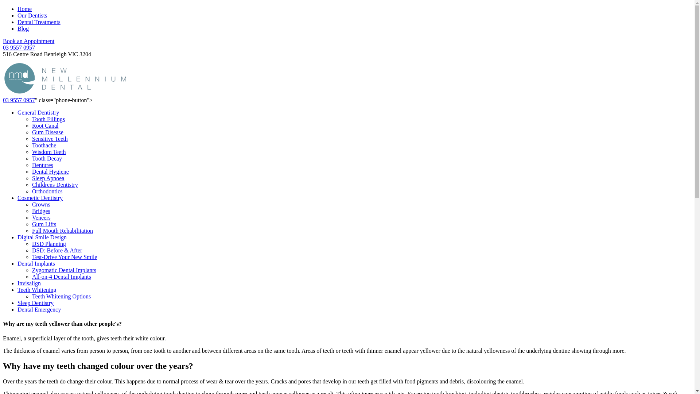 This screenshot has height=394, width=700. What do you see at coordinates (29, 283) in the screenshot?
I see `'Invisalign'` at bounding box center [29, 283].